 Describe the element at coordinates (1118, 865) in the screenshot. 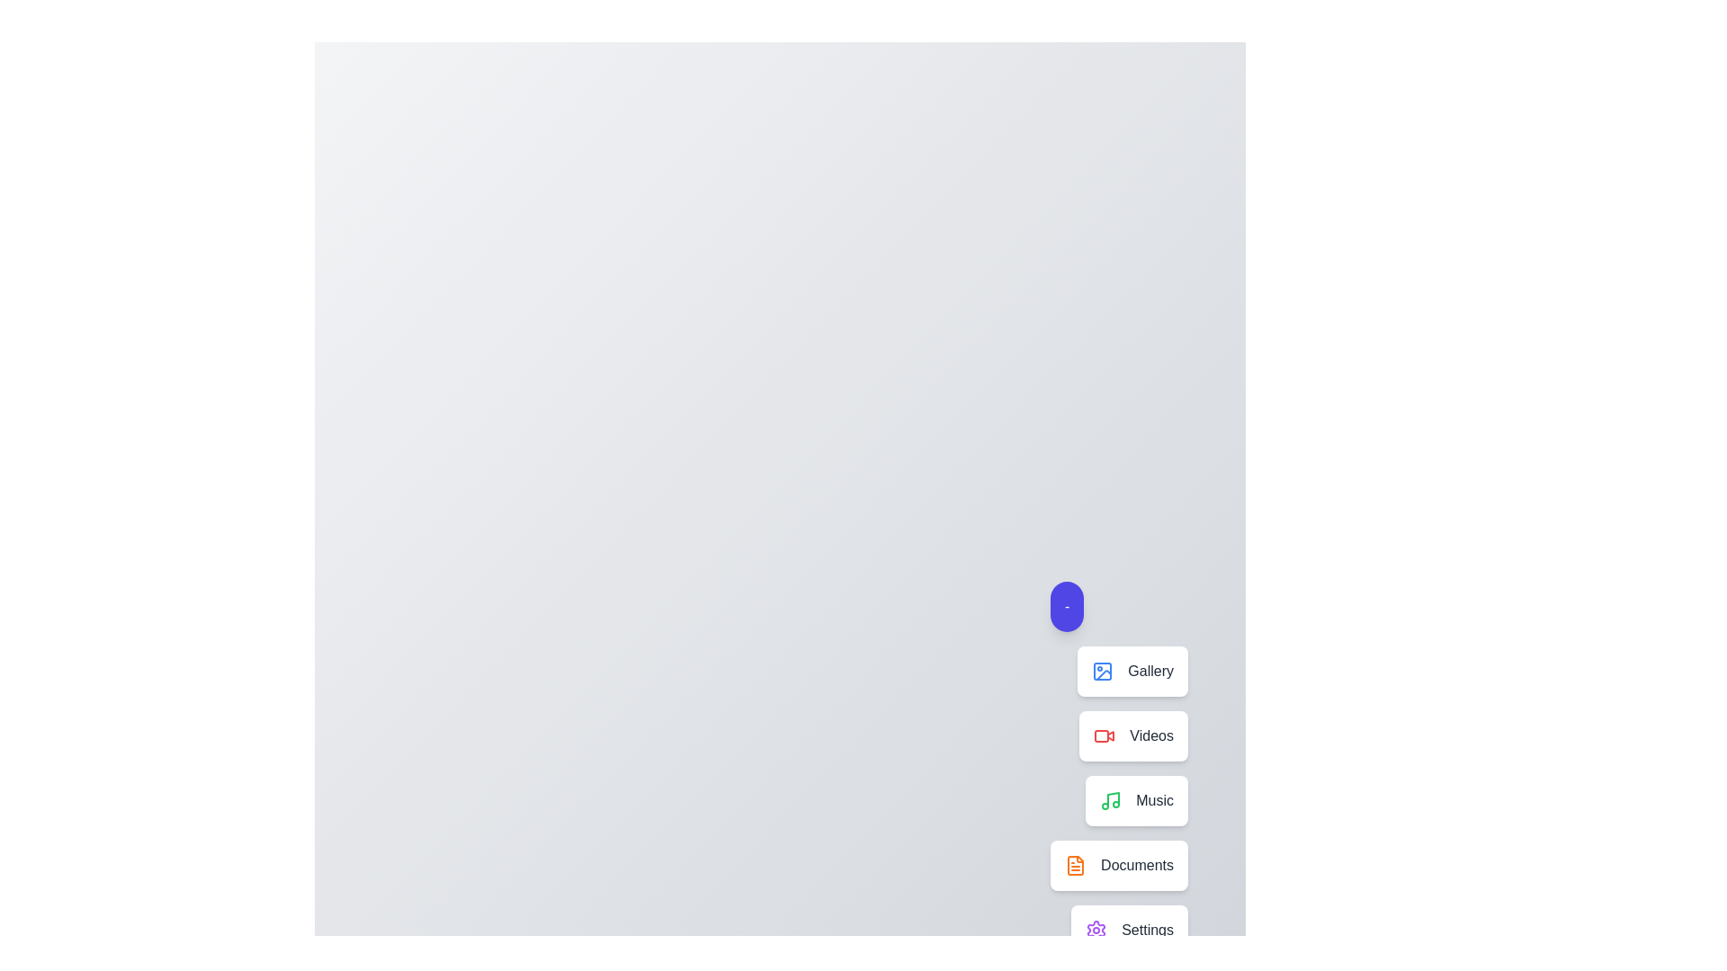

I see `the menu item labeled 'Documents' to observe its hover animation` at that location.